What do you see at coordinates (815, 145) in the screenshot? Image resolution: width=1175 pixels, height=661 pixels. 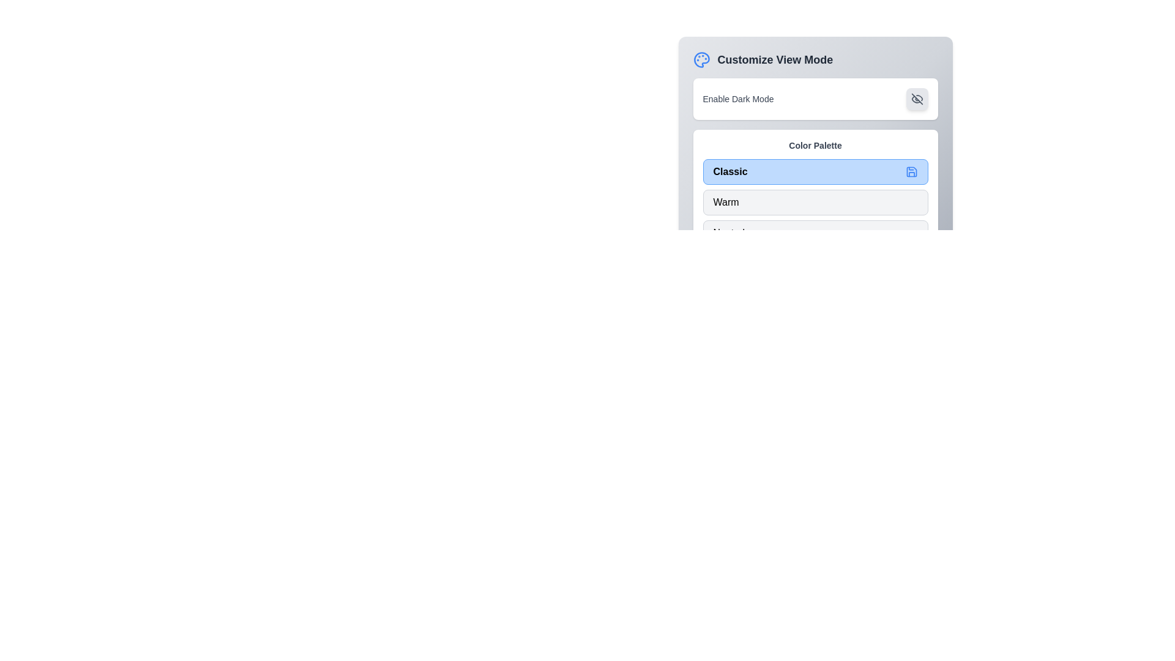 I see `the 'Color Palette' label, which is styled in a smaller size font and bold text, positioned above the selection of color themes` at bounding box center [815, 145].